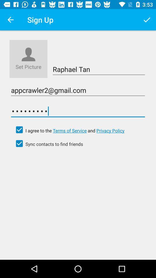 Image resolution: width=156 pixels, height=278 pixels. I want to click on do n't agree to terms of service, so click(19, 130).